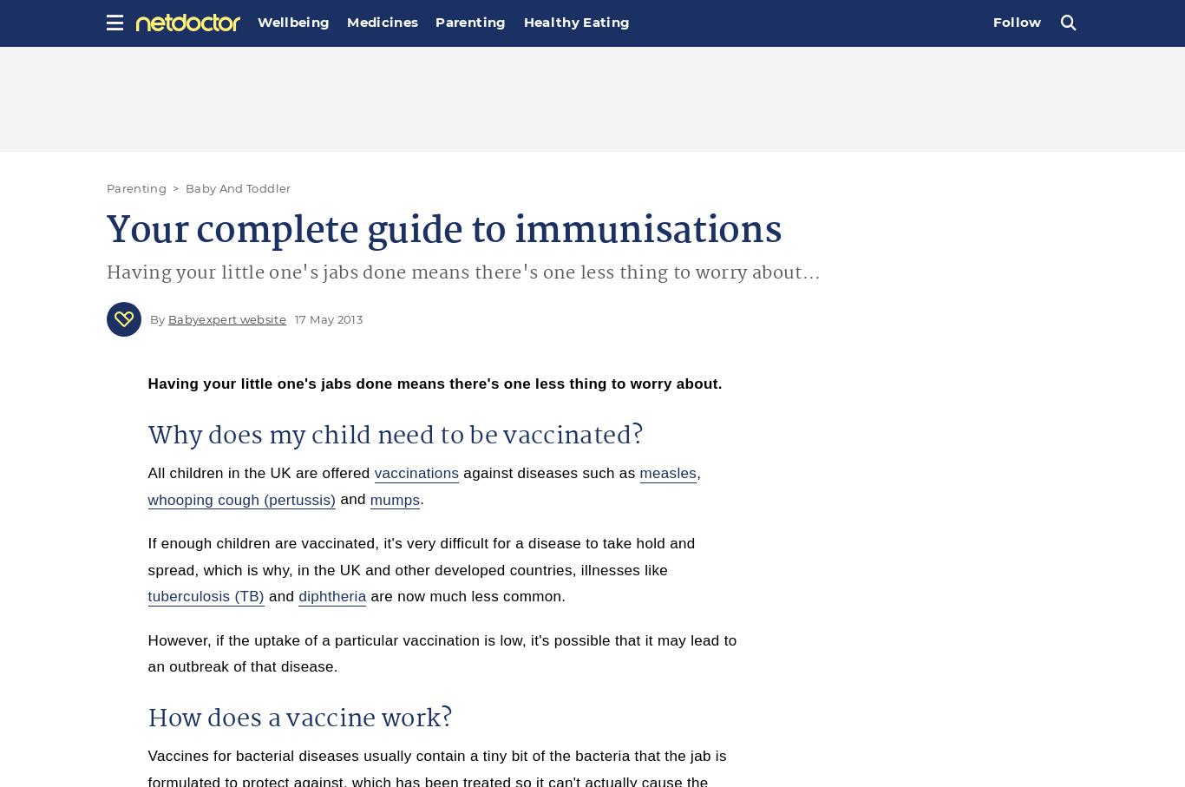  What do you see at coordinates (293, 21) in the screenshot?
I see `'Wellbeing'` at bounding box center [293, 21].